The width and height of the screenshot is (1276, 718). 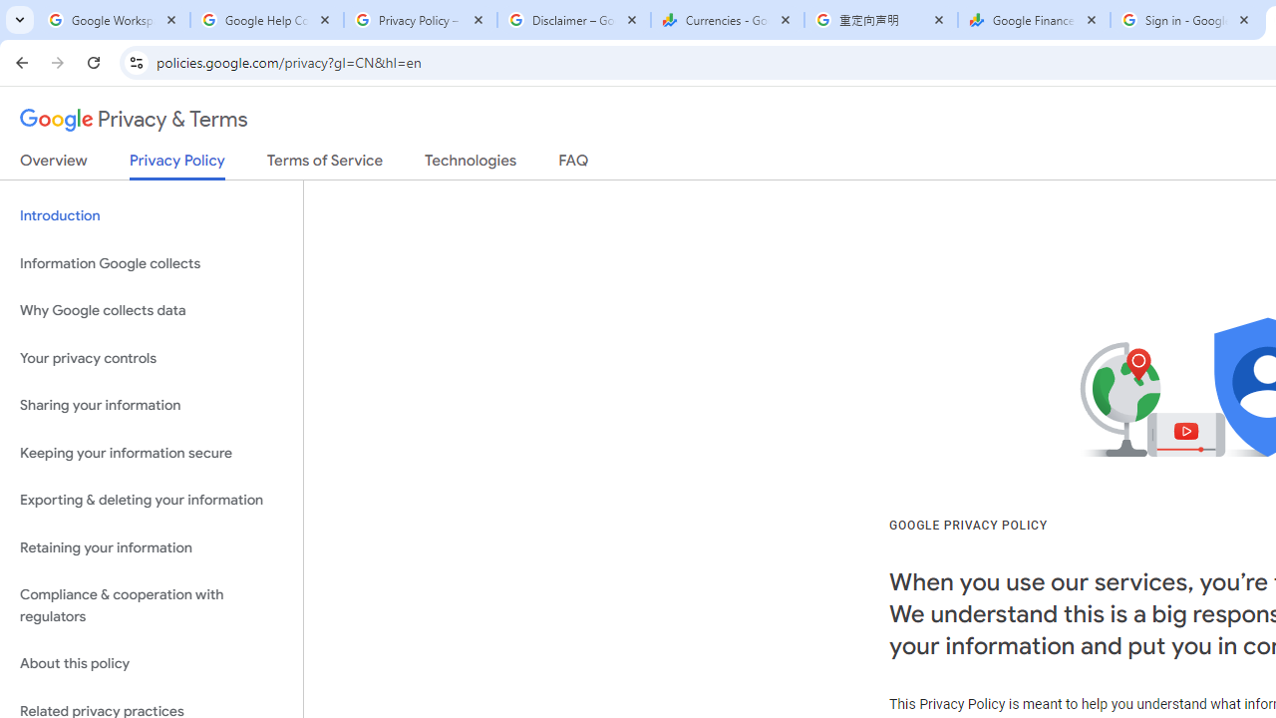 I want to click on 'Information Google collects', so click(x=151, y=262).